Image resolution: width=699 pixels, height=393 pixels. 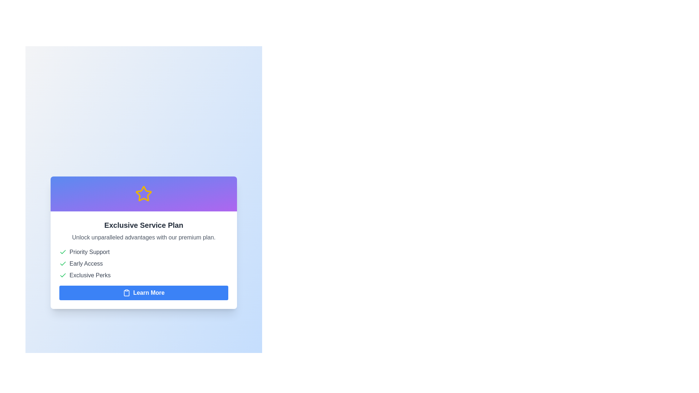 I want to click on the clipboard icon located to the left of the 'Learn More' text within the blue rectangular button at the bottom of the card, so click(x=126, y=293).